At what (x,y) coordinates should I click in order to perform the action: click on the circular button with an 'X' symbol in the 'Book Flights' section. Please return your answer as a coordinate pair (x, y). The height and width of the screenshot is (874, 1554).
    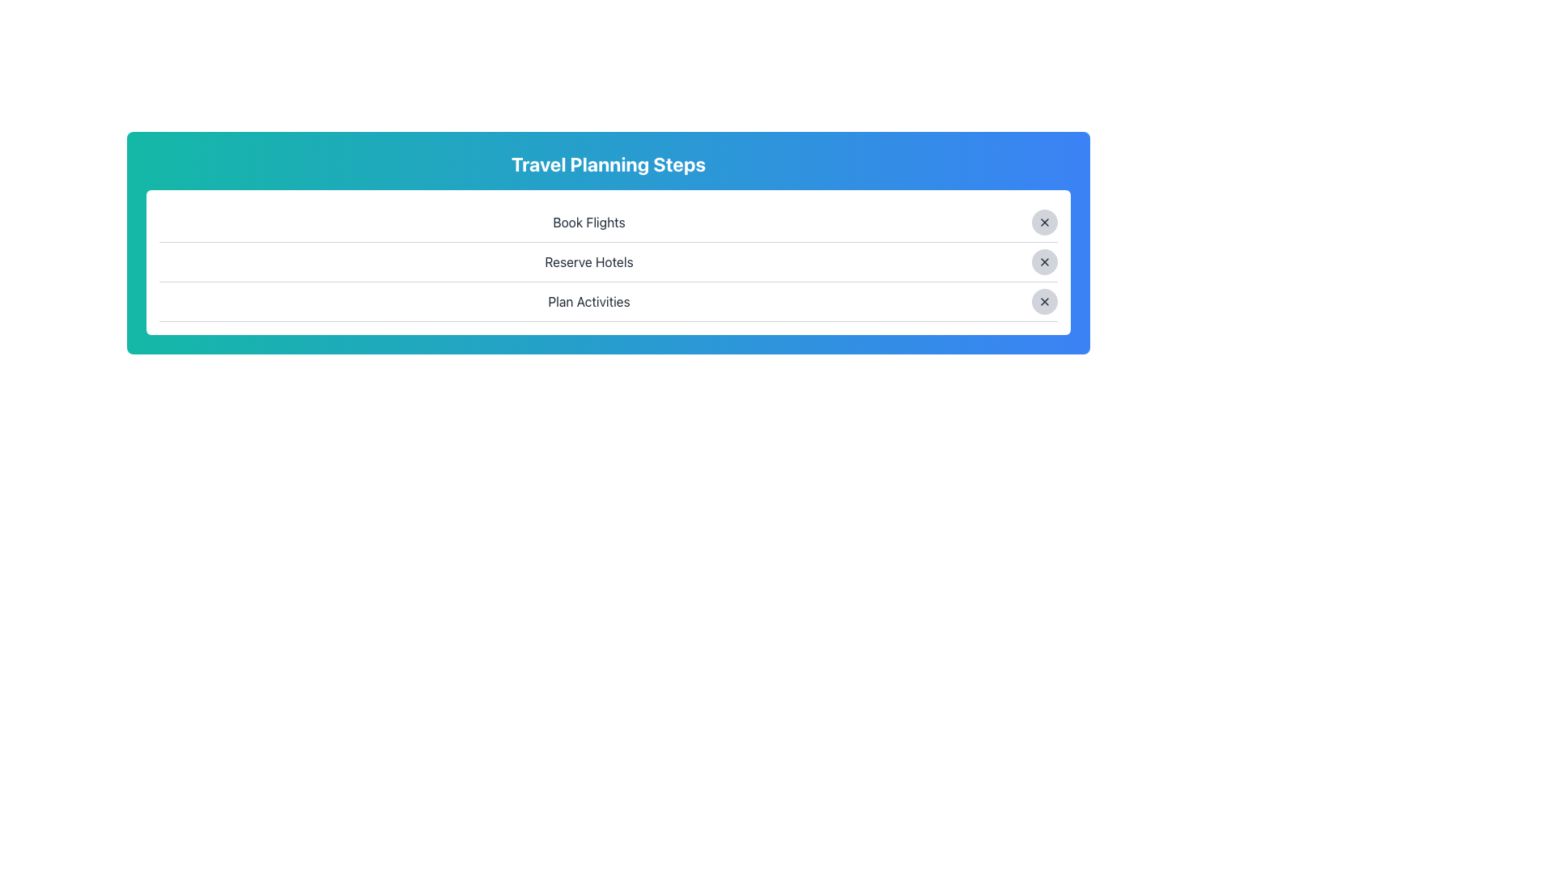
    Looking at the image, I should click on (1045, 222).